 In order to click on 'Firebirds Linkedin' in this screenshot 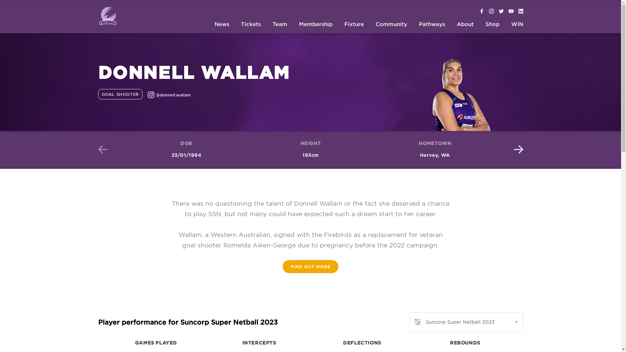, I will do `click(520, 11)`.